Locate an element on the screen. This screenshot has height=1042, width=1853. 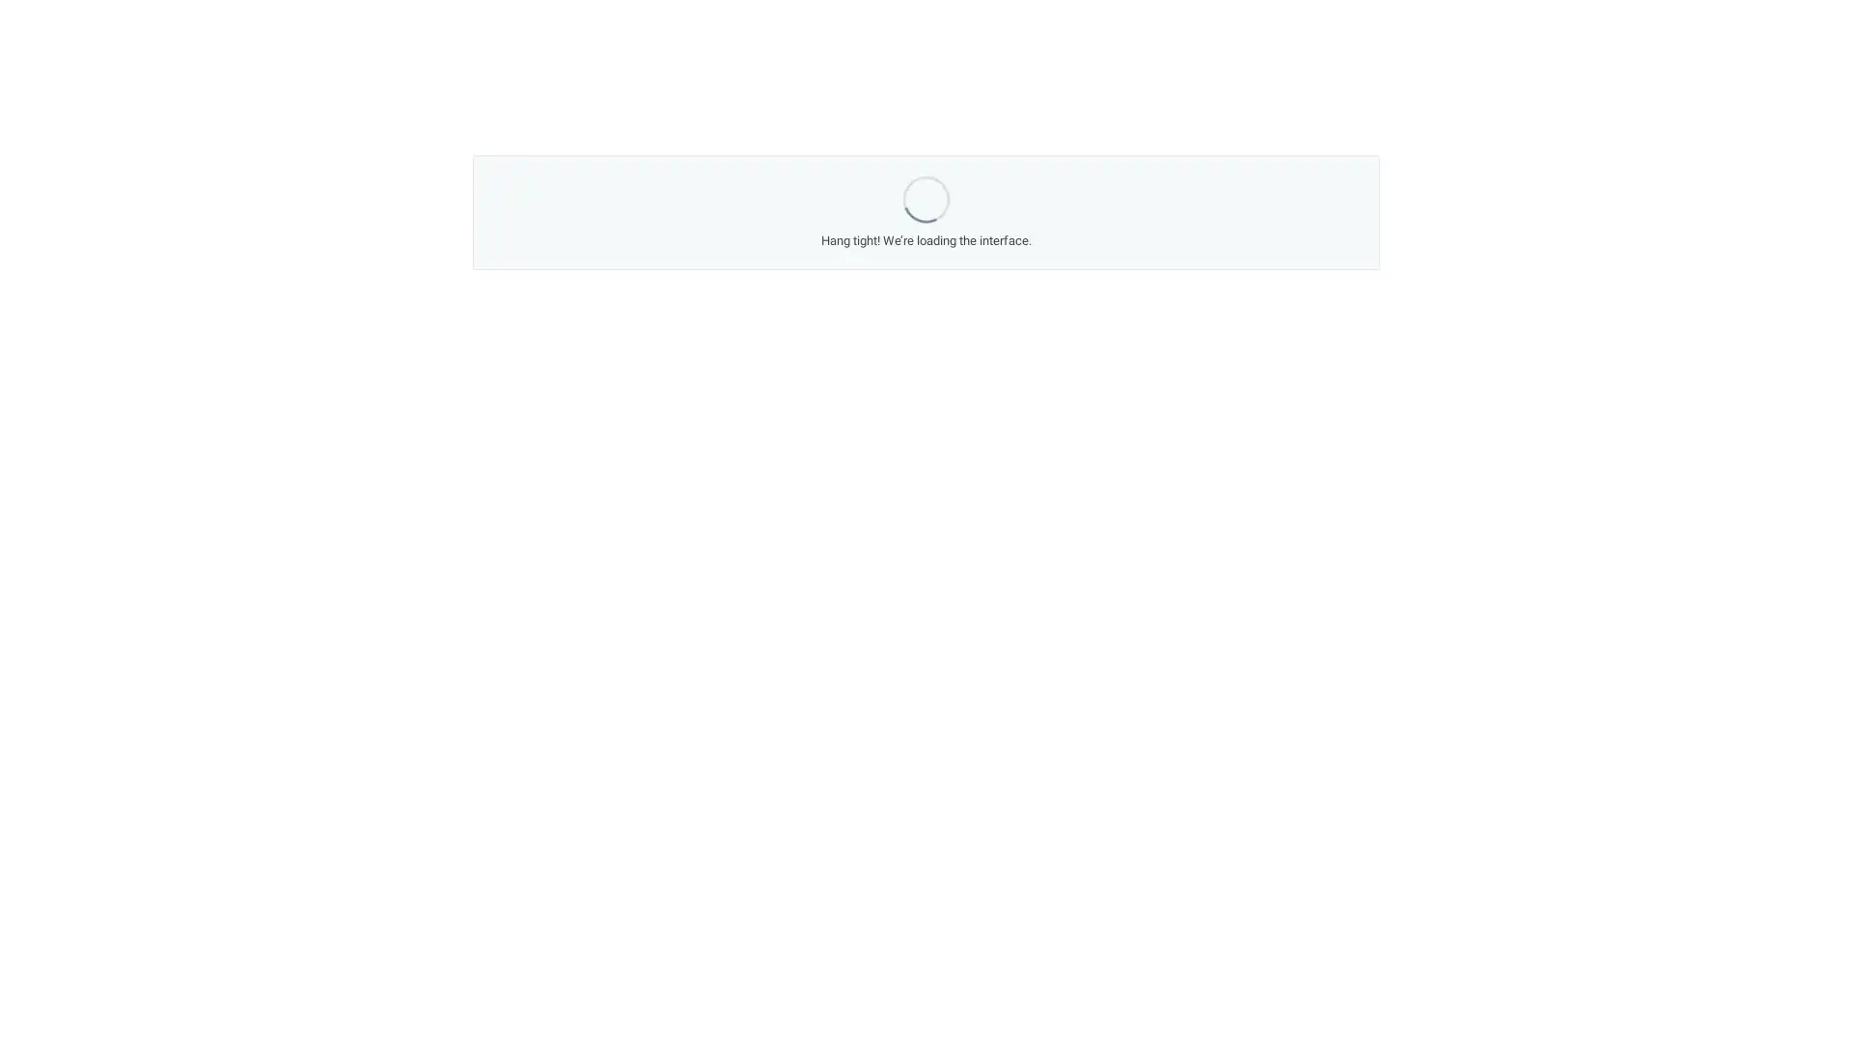
Why don't I need a password? is located at coordinates (816, 416).